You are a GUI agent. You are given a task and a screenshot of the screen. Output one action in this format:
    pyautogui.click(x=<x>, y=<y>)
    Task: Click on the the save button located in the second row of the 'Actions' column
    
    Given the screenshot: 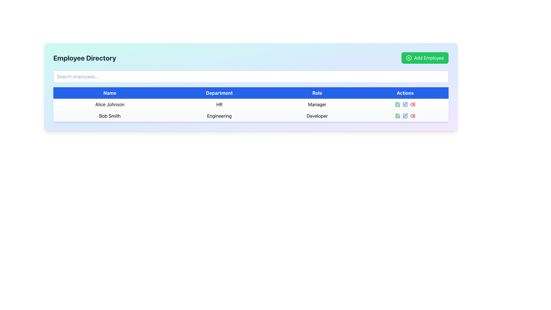 What is the action you would take?
    pyautogui.click(x=397, y=104)
    